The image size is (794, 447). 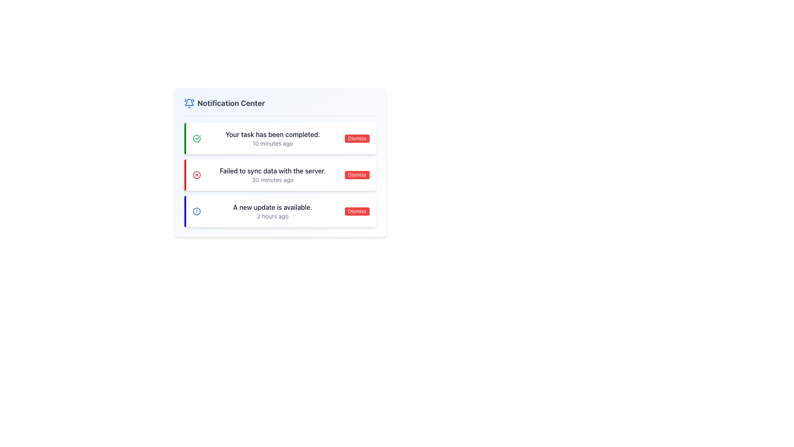 I want to click on the text label that provides the timestamp for the notification indicating when 'Your task has been completed.', so click(x=273, y=143).